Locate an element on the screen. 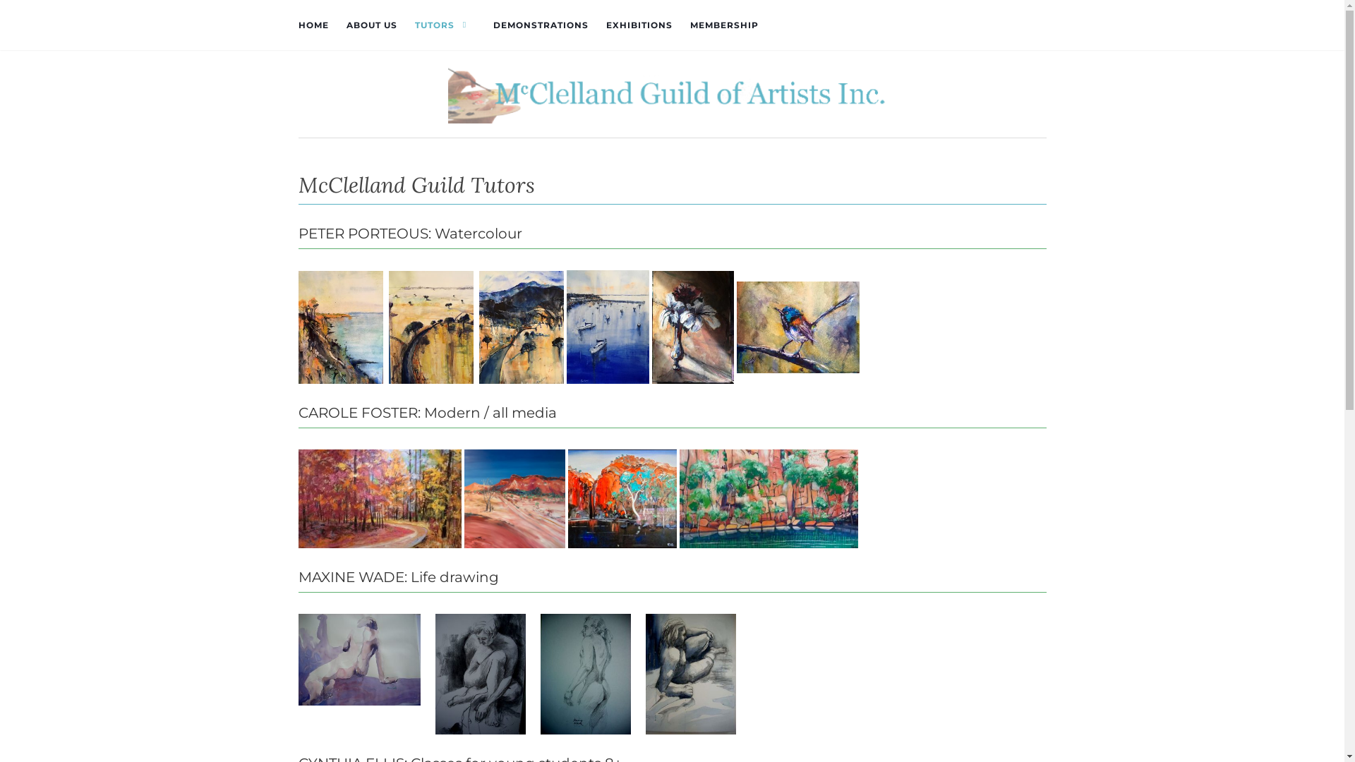 The height and width of the screenshot is (762, 1355). 'MEMBERSHIP' is located at coordinates (724, 25).